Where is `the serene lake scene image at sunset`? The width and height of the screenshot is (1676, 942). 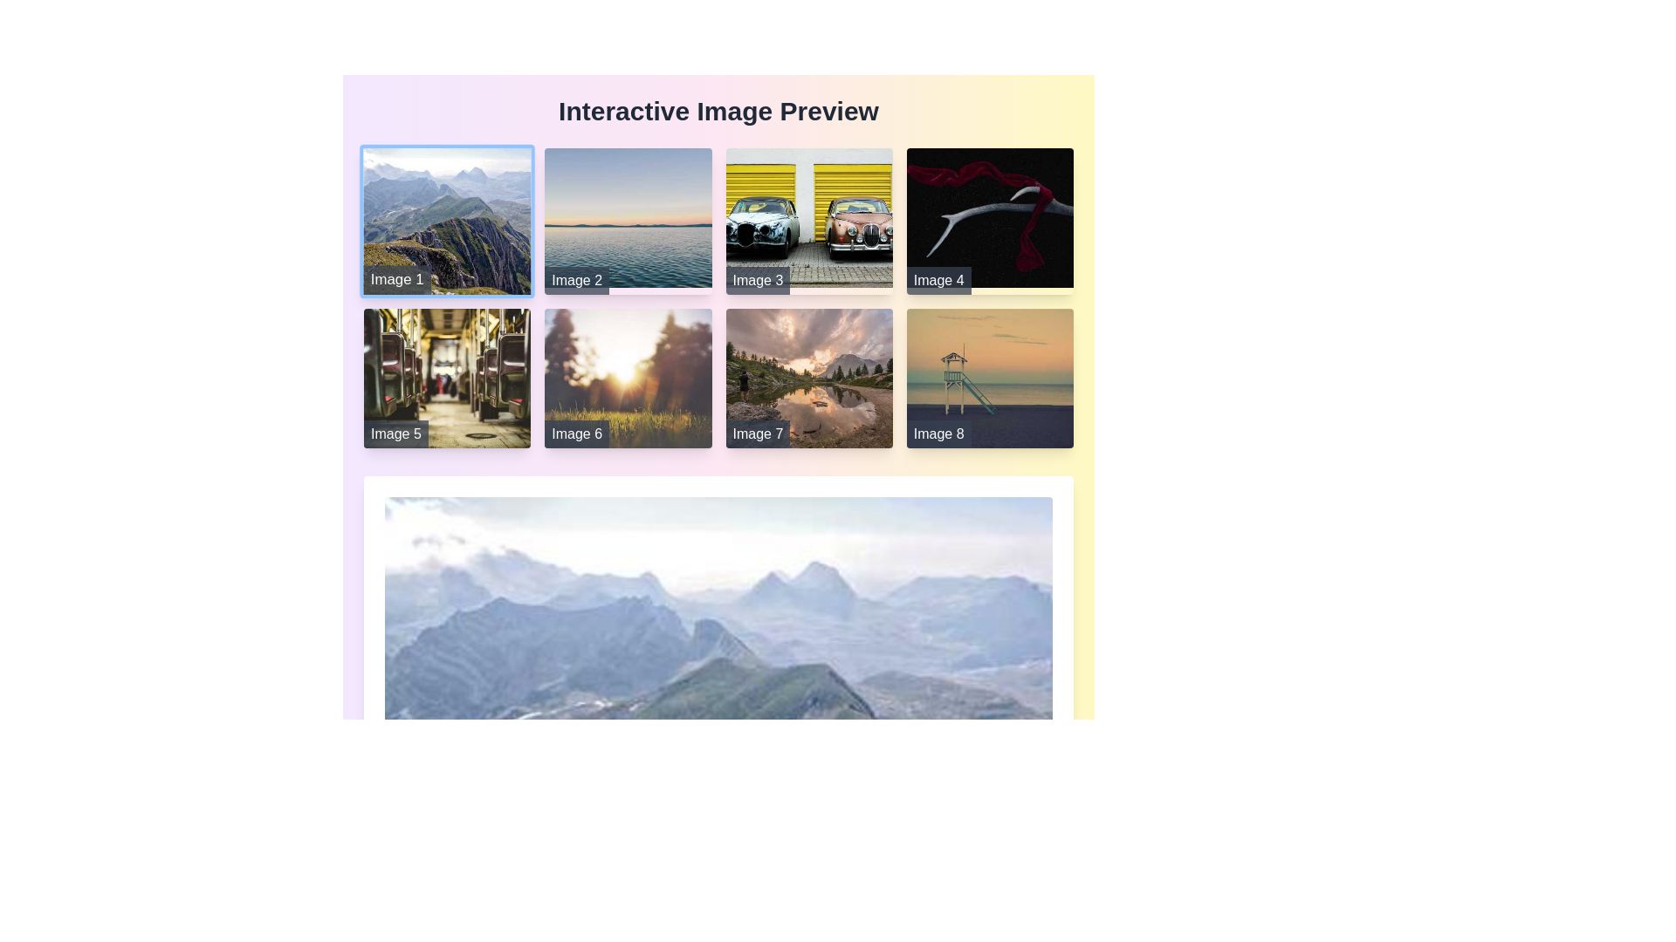 the serene lake scene image at sunset is located at coordinates (628, 217).